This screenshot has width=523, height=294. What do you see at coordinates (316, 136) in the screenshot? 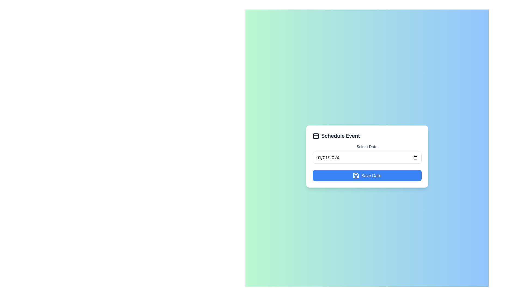
I see `the central rounded rectangle element within the calendar icon, located to the left of the text 'Schedule Event'` at bounding box center [316, 136].